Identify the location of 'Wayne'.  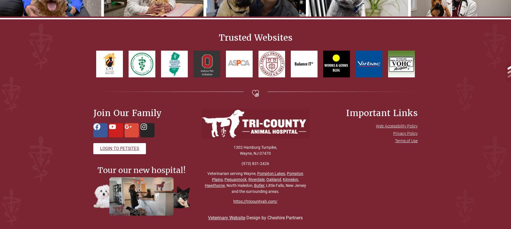
(240, 153).